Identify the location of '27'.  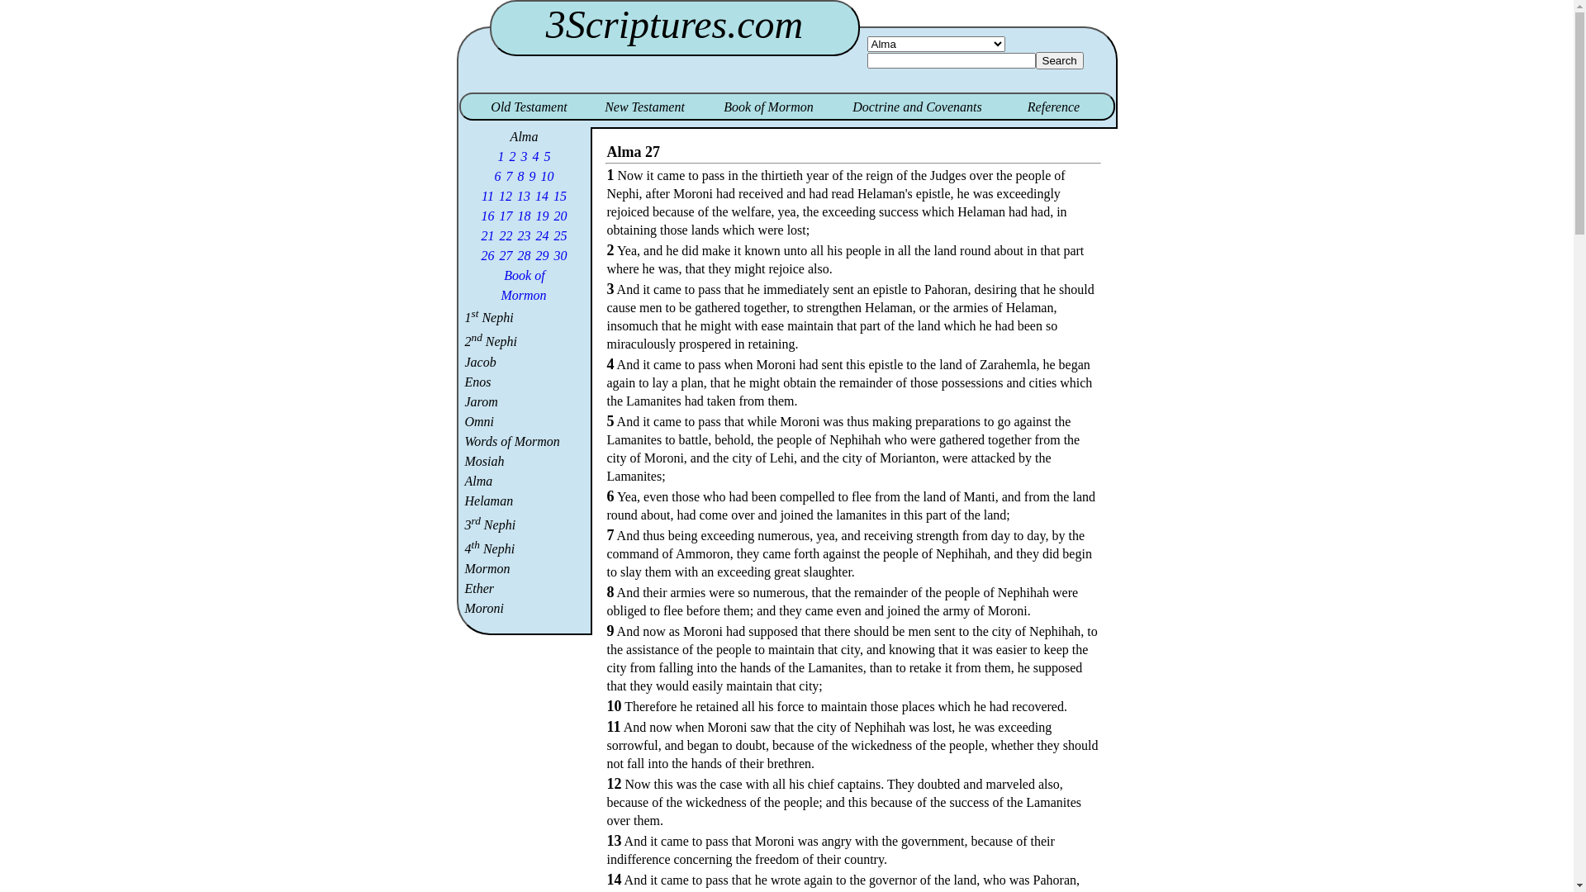
(506, 255).